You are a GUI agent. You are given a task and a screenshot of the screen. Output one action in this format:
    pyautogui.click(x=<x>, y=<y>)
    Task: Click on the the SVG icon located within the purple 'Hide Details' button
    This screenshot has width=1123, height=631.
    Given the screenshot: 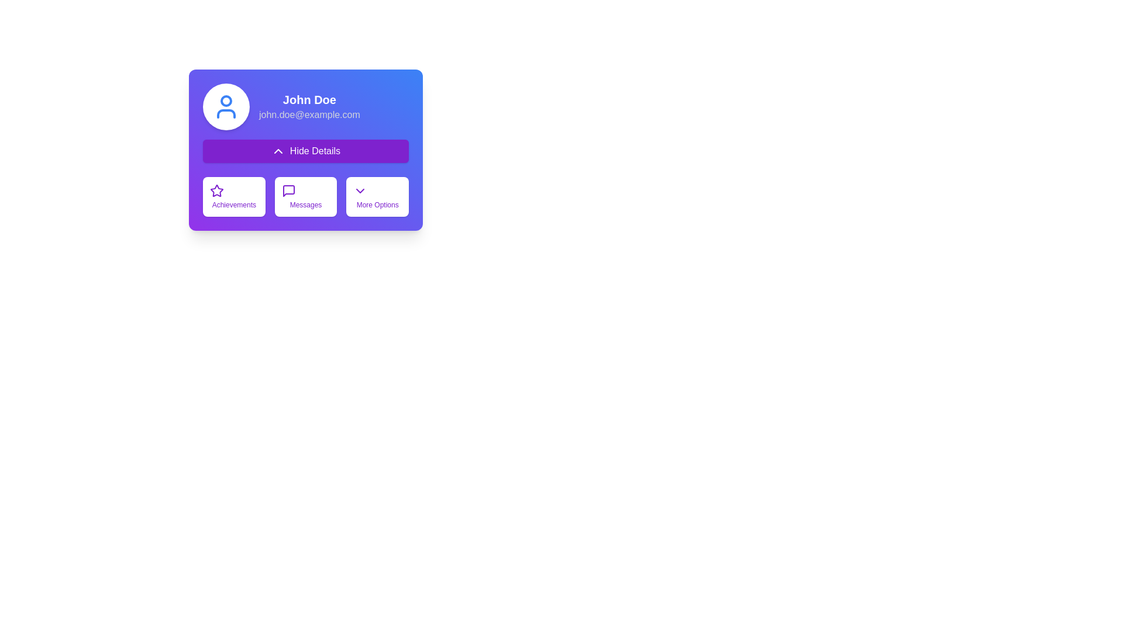 What is the action you would take?
    pyautogui.click(x=277, y=150)
    